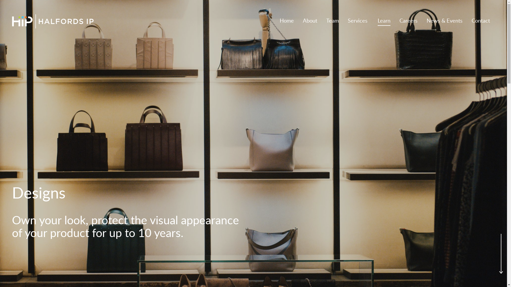  Describe the element at coordinates (286, 21) in the screenshot. I see `'Home'` at that location.